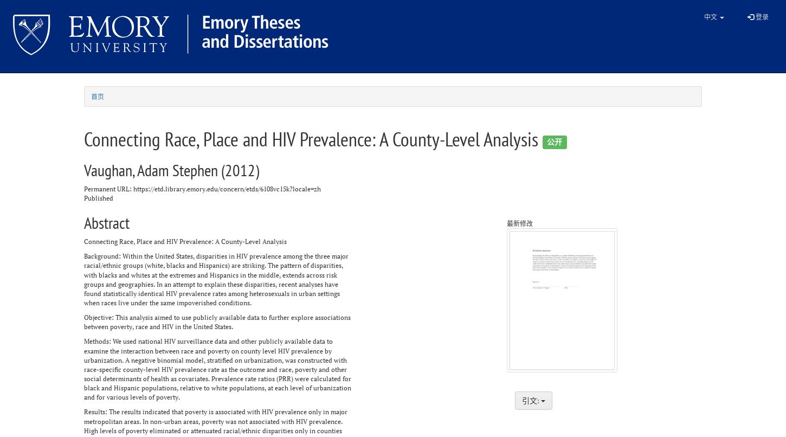 The width and height of the screenshot is (786, 437). I want to click on 'Background: Within the United States, disparities in HIV
prevalence among the three major', so click(83, 255).